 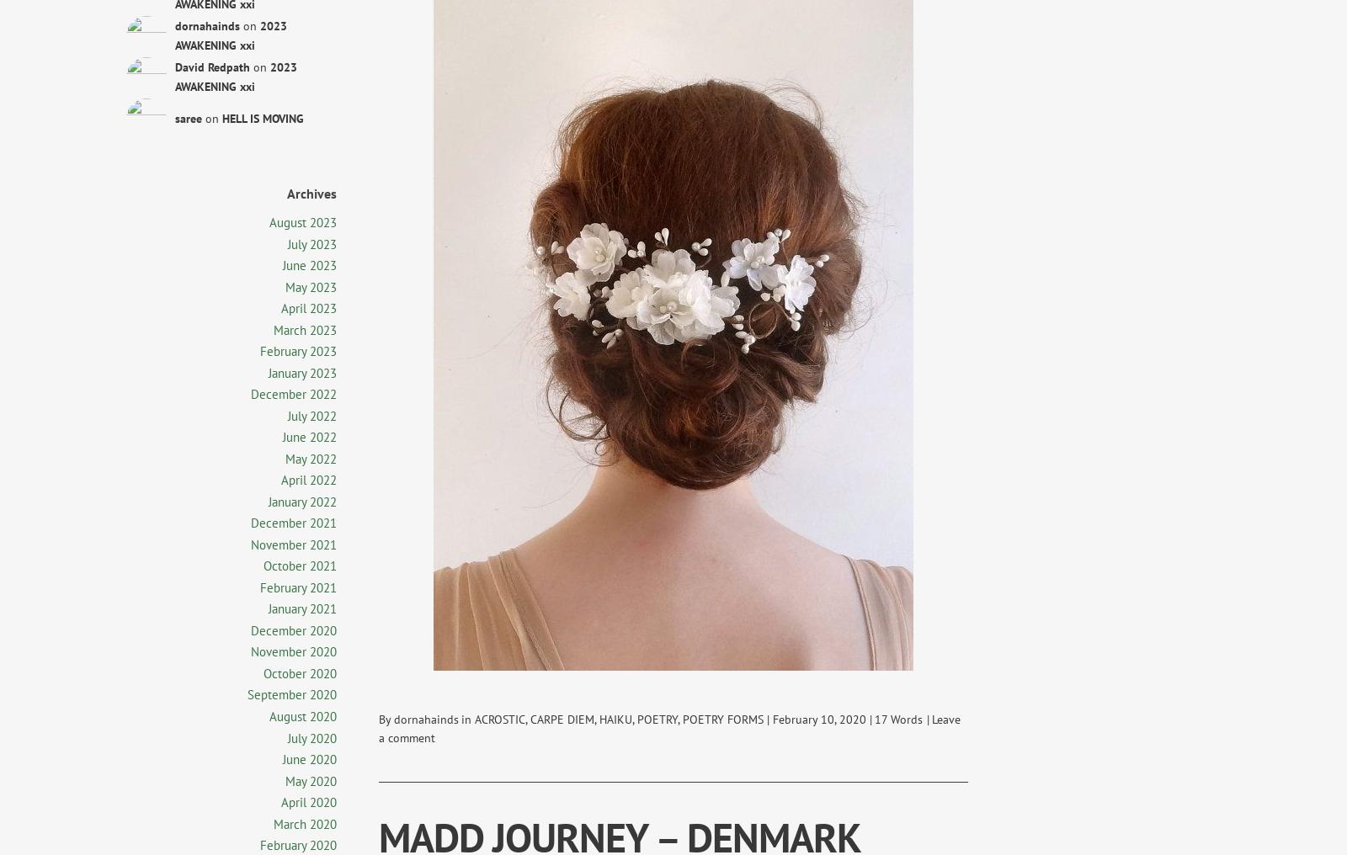 I want to click on 'July 2023', so click(x=312, y=242).